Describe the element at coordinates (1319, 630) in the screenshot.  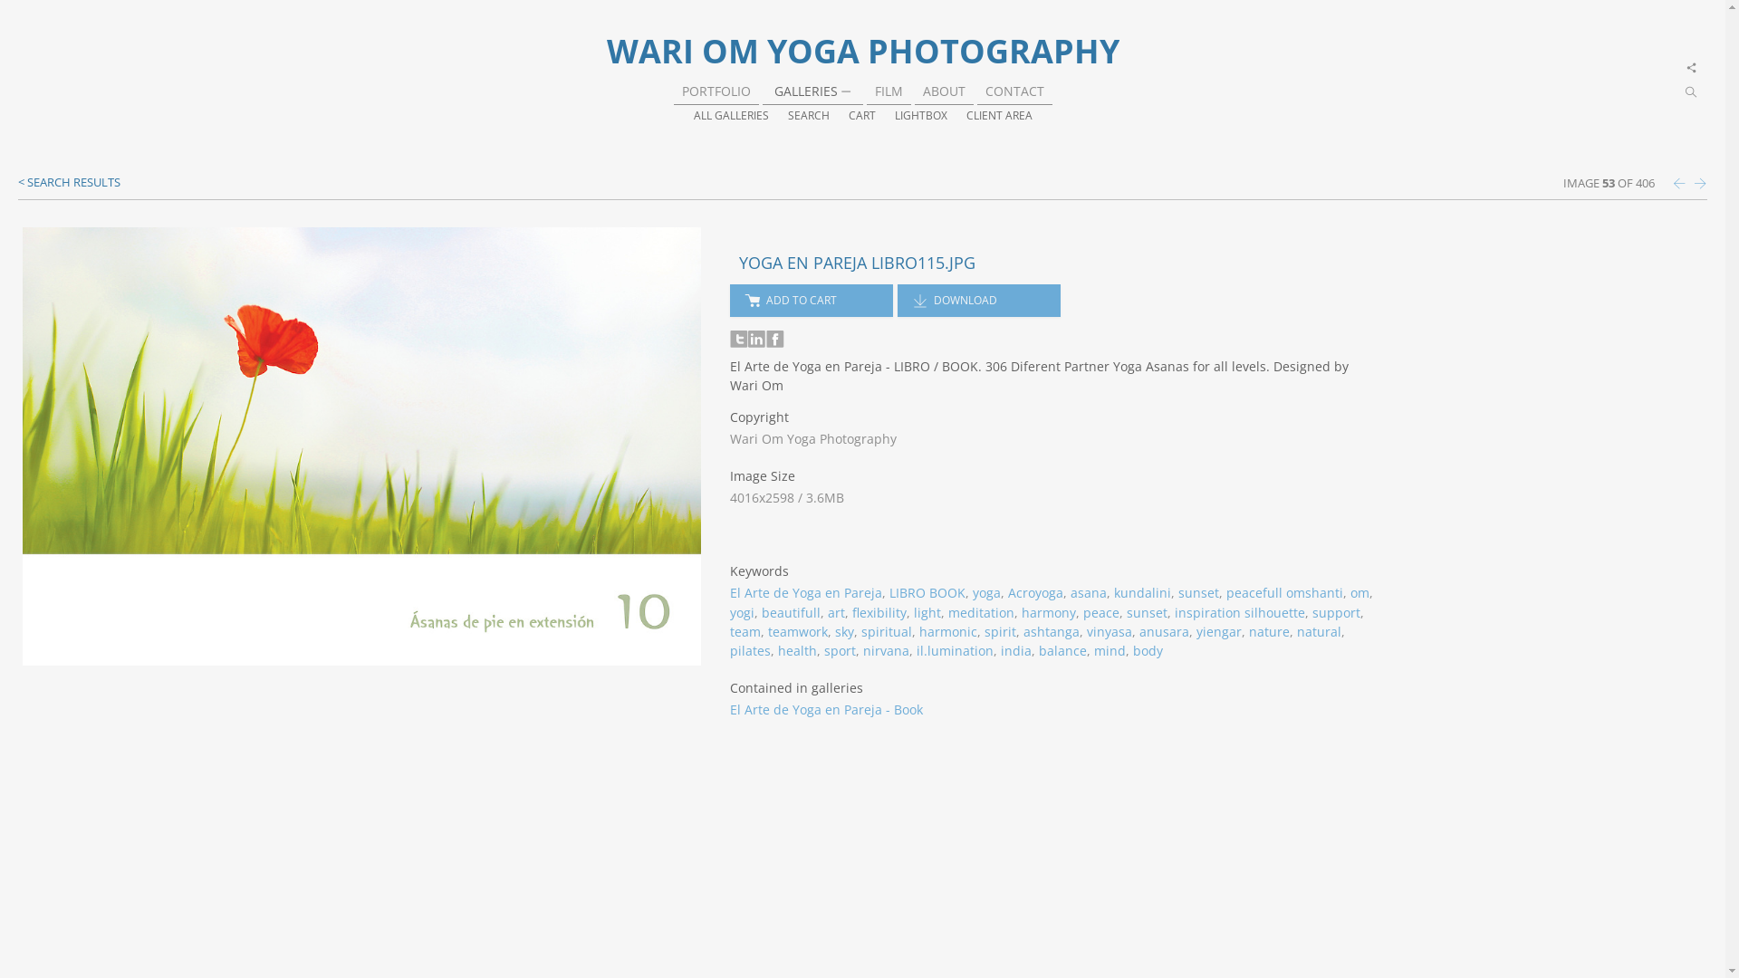
I see `'natural'` at that location.